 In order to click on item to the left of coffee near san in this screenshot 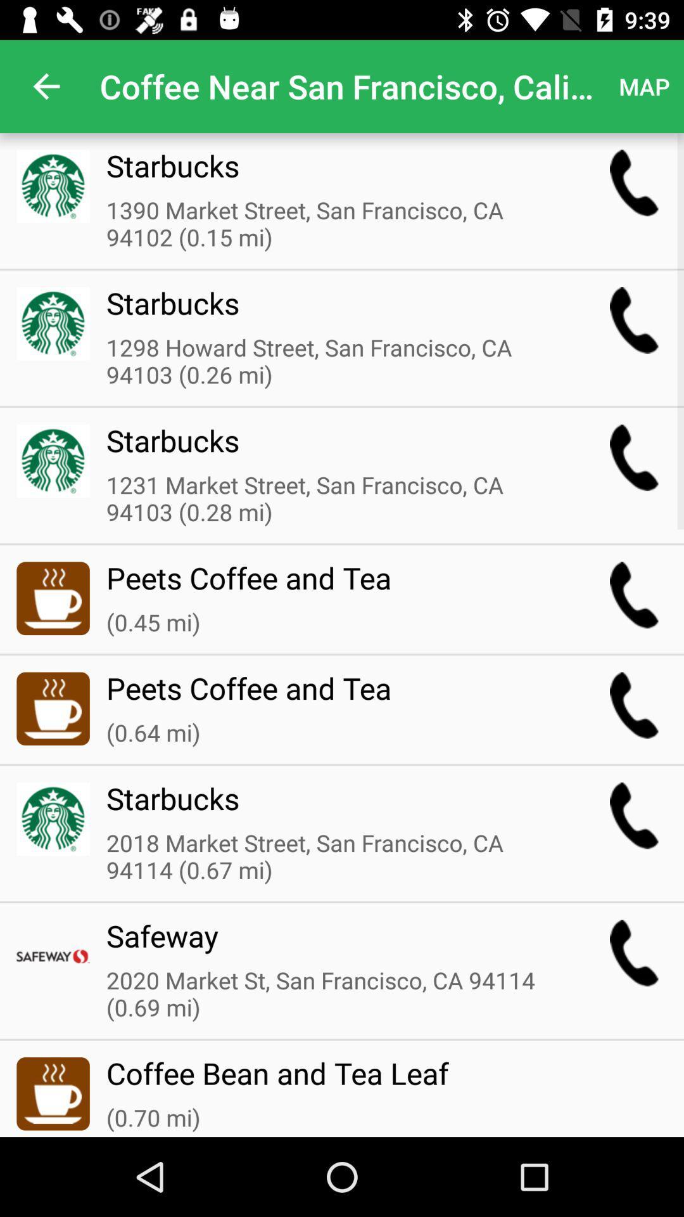, I will do `click(46, 86)`.